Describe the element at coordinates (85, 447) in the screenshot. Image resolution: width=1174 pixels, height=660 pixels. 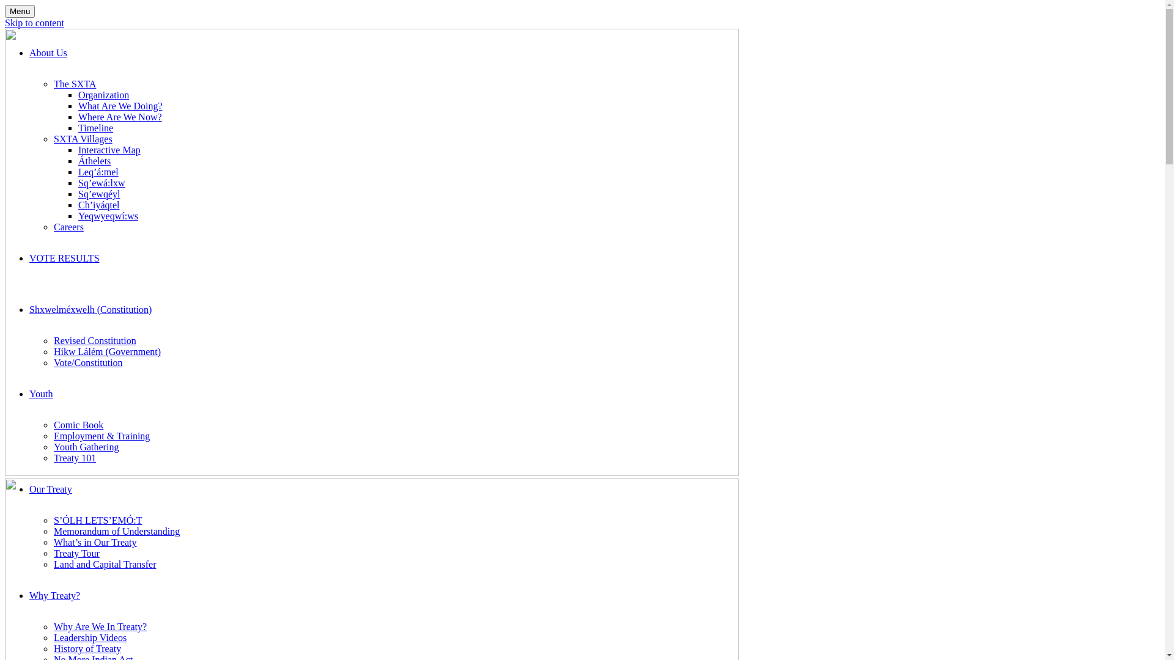
I see `'Youth Gathering'` at that location.